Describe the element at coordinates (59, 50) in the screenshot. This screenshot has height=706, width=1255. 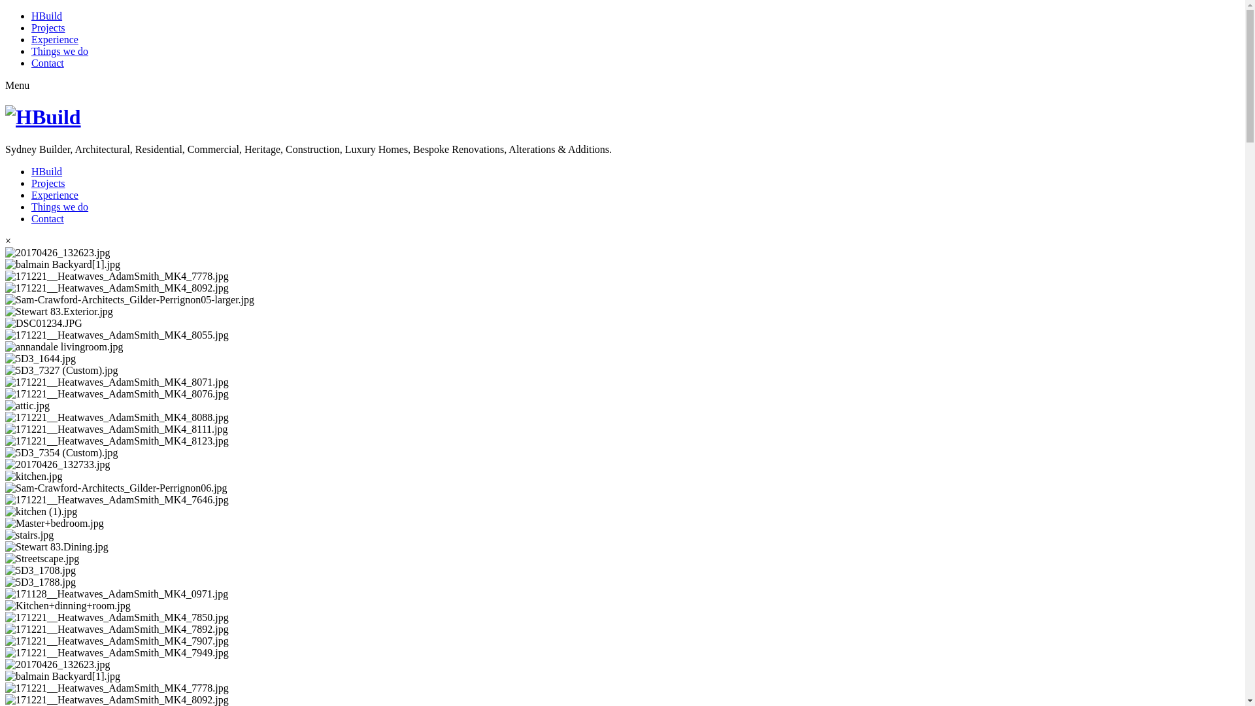
I see `'Things we do'` at that location.